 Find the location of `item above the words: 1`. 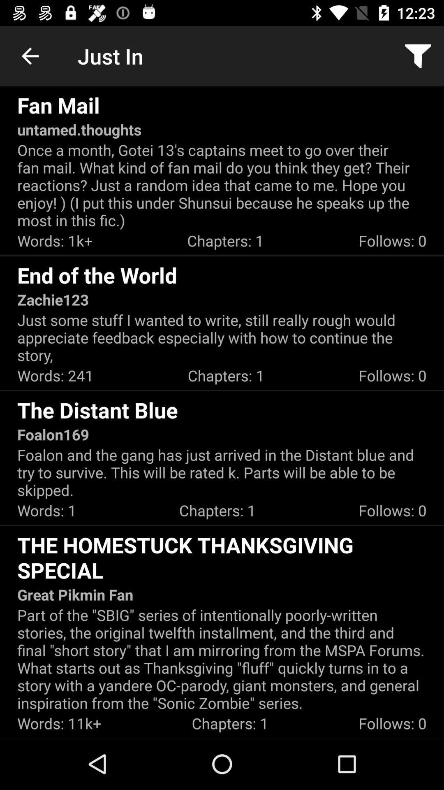

item above the words: 1 is located at coordinates (222, 472).